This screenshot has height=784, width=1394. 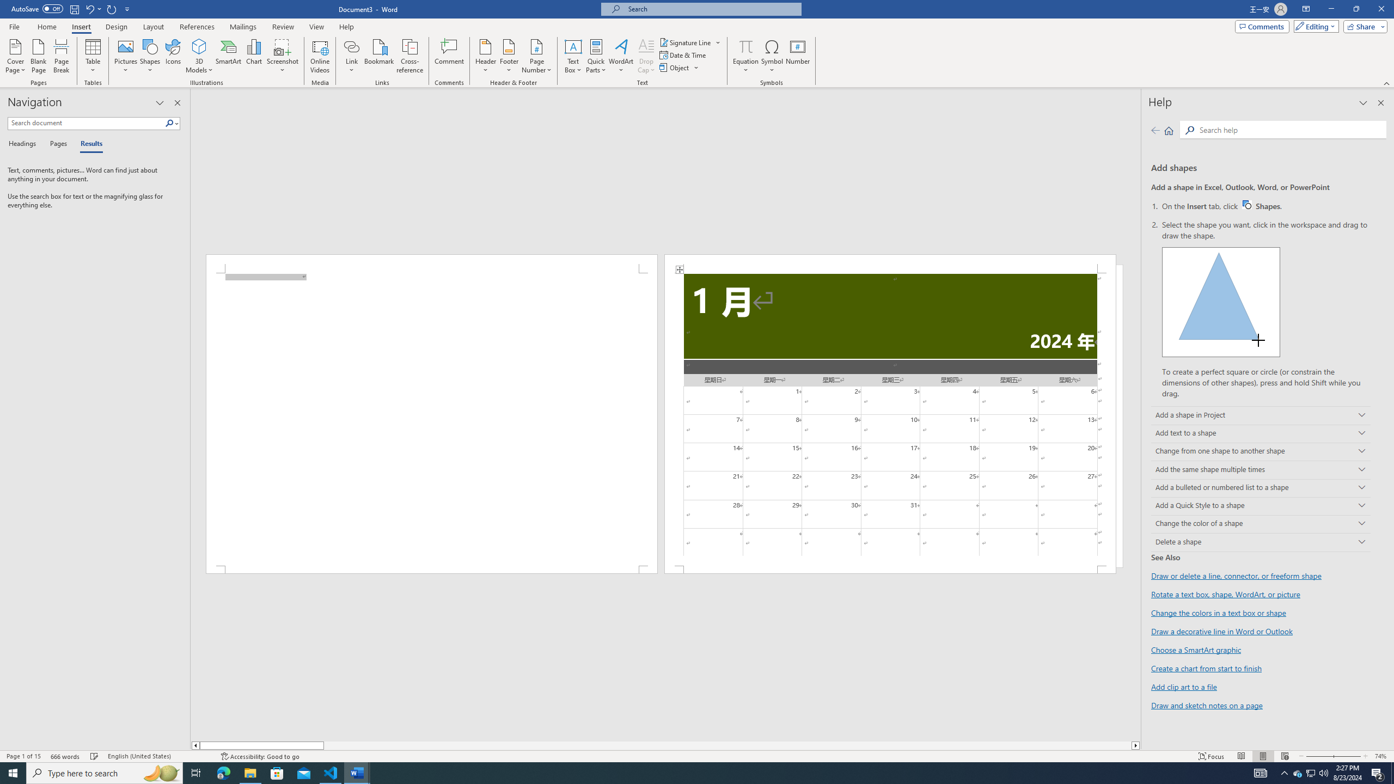 I want to click on 'Choose a SmartArt graphic', so click(x=1196, y=649).